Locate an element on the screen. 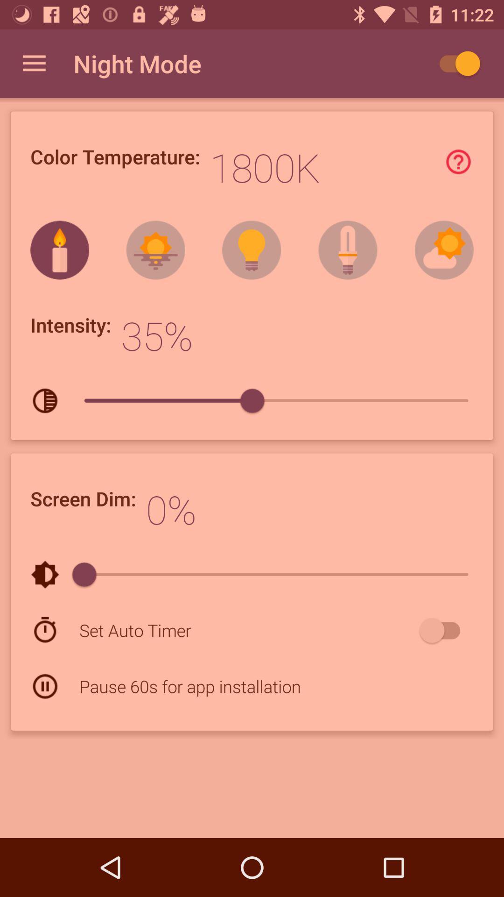 The height and width of the screenshot is (897, 504). the second image from left side is located at coordinates (348, 250).